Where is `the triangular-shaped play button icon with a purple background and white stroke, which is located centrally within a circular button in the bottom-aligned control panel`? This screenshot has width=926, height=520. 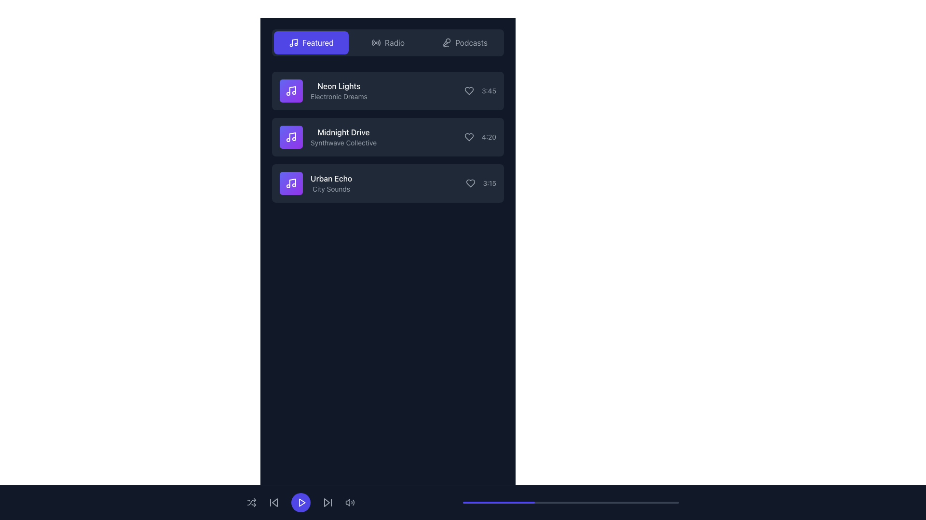 the triangular-shaped play button icon with a purple background and white stroke, which is located centrally within a circular button in the bottom-aligned control panel is located at coordinates (301, 502).